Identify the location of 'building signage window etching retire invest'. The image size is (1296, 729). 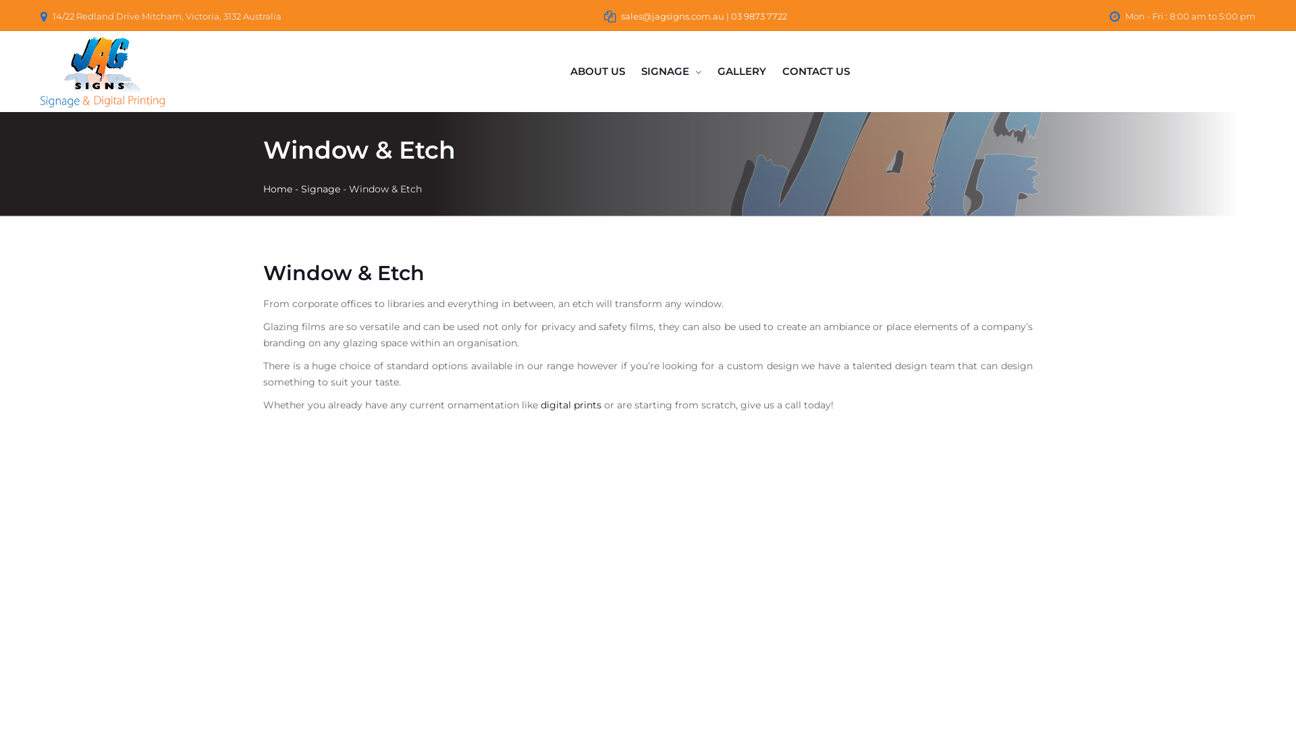
(911, 554).